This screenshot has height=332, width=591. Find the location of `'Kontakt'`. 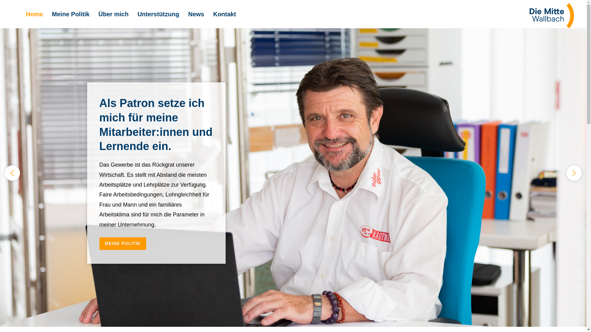

'Kontakt' is located at coordinates (208, 14).